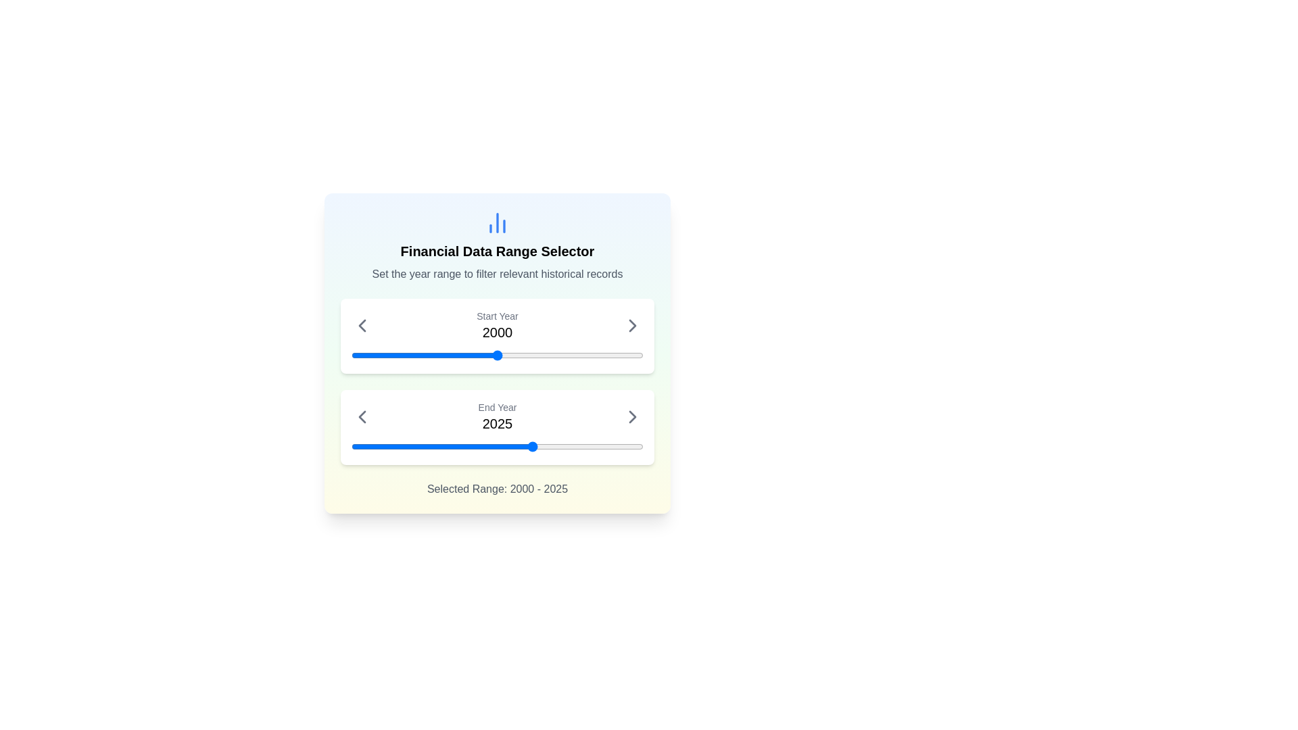 Image resolution: width=1298 pixels, height=730 pixels. I want to click on the left-facing gray arrow icon located in the 'End Year' section, so click(362, 416).